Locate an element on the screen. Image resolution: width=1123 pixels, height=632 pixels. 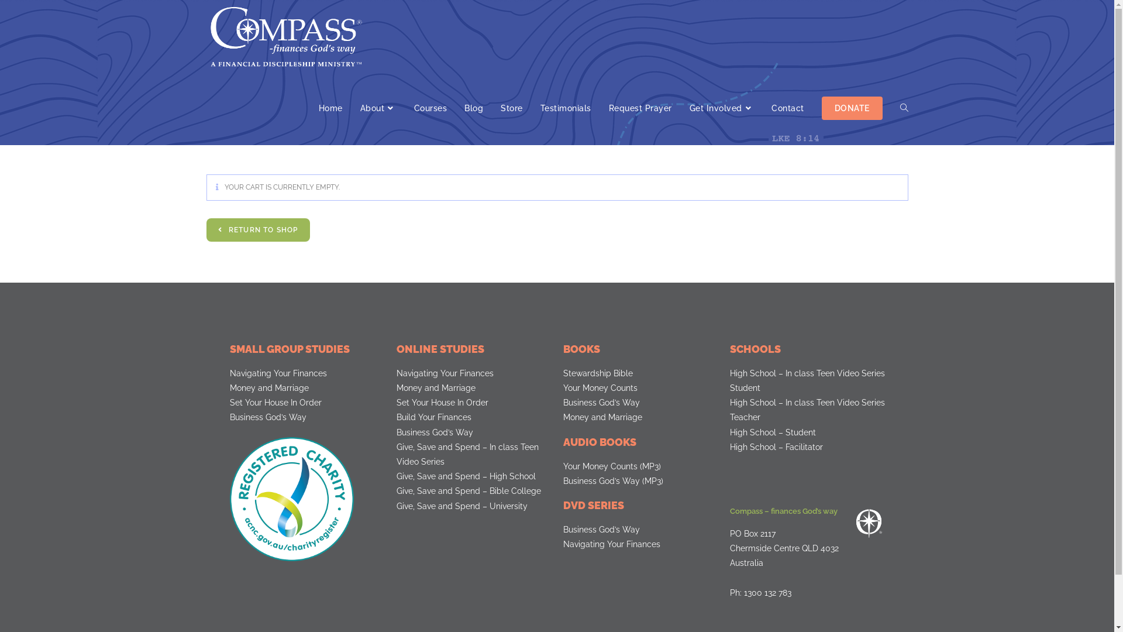
'DONATE' is located at coordinates (812, 108).